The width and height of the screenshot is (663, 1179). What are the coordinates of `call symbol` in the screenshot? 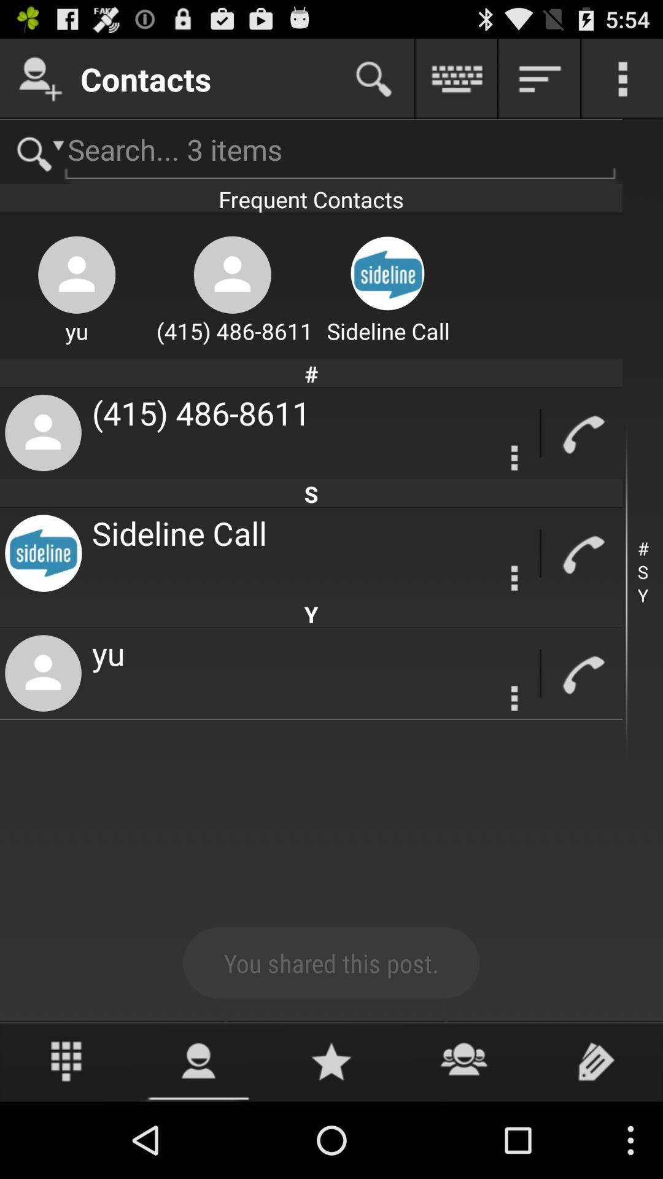 It's located at (581, 433).